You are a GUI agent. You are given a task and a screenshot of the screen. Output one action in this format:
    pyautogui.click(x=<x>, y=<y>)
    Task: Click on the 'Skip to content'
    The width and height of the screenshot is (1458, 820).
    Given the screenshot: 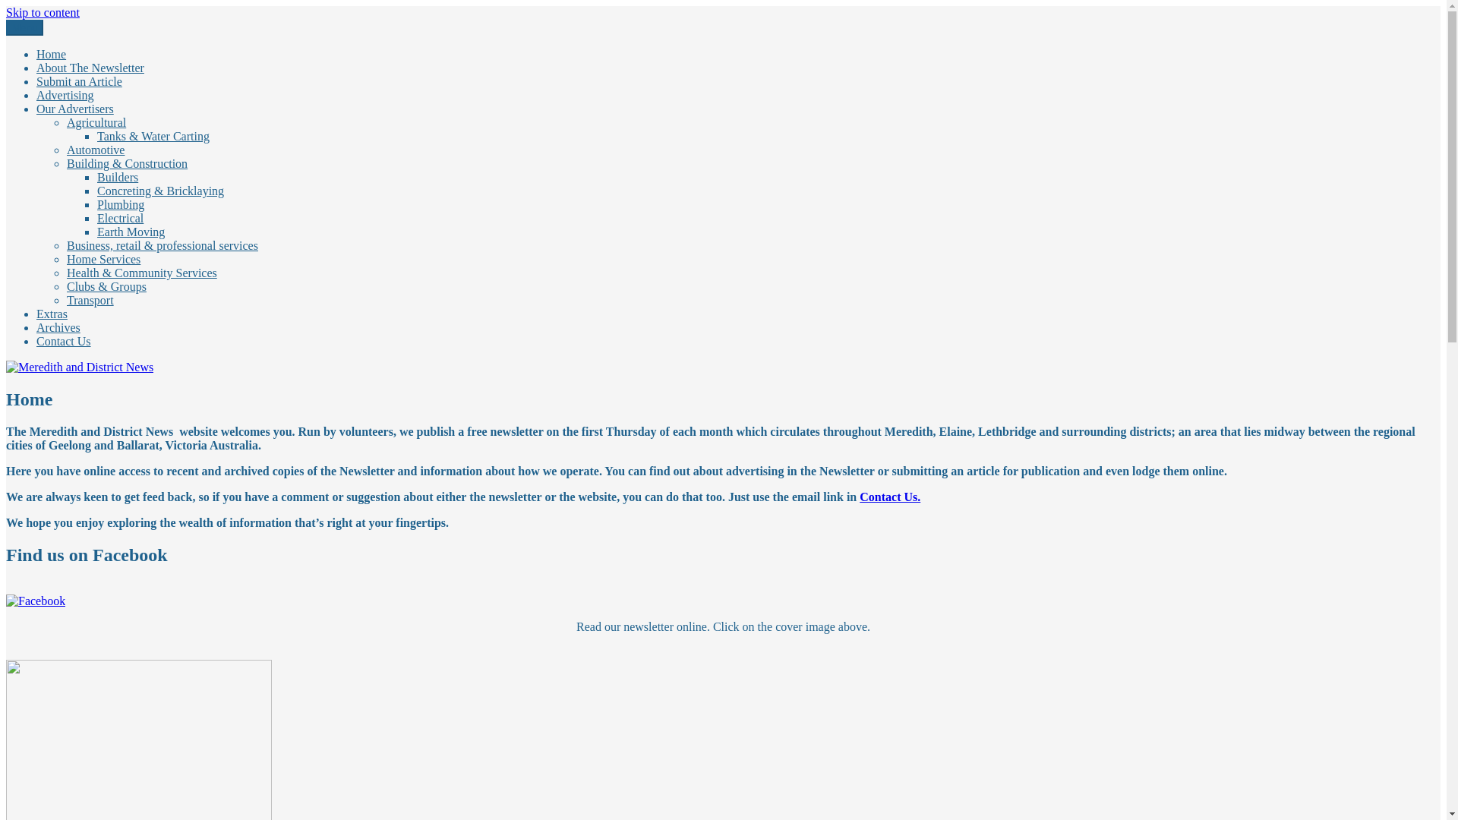 What is the action you would take?
    pyautogui.click(x=43, y=12)
    